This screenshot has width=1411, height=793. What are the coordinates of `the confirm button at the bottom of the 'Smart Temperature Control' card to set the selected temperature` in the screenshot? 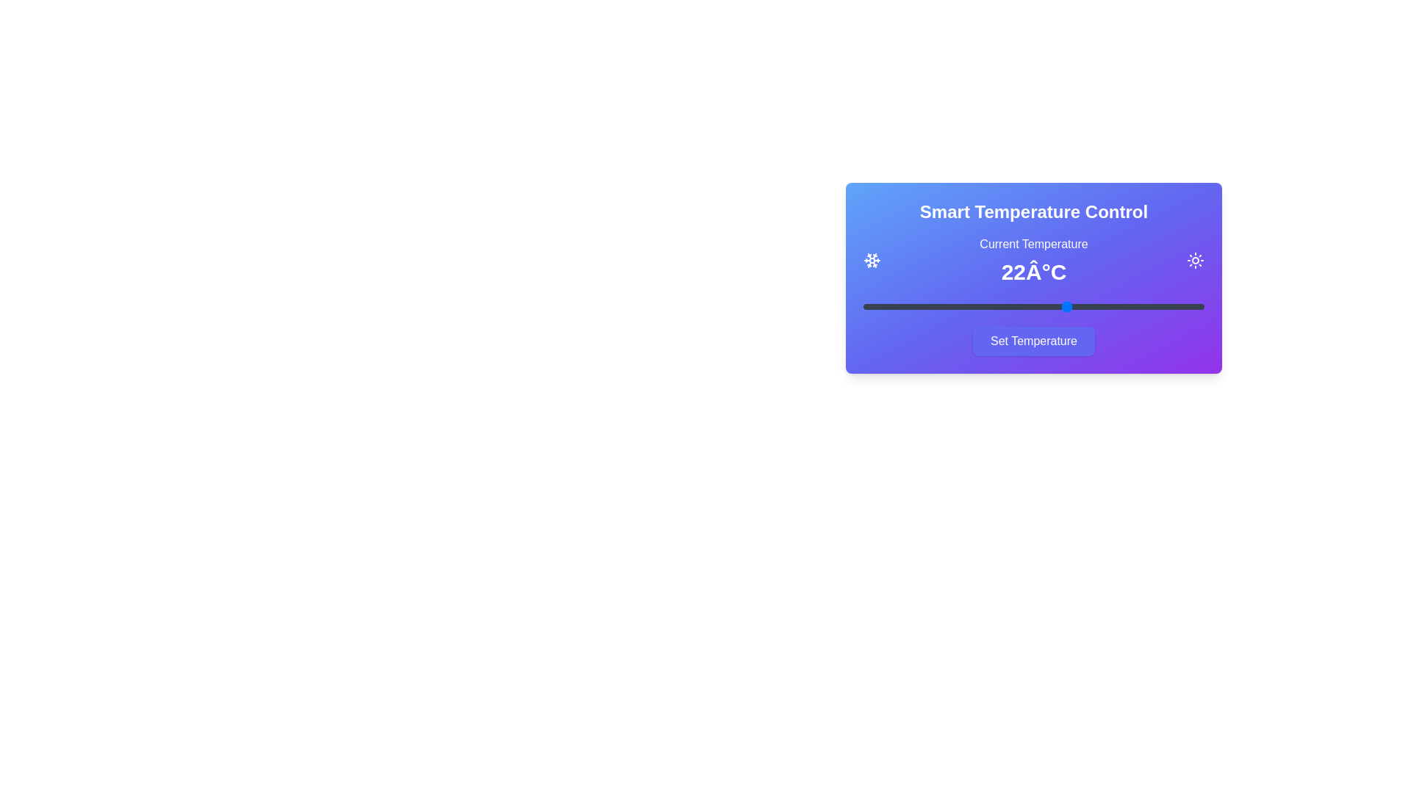 It's located at (1033, 341).